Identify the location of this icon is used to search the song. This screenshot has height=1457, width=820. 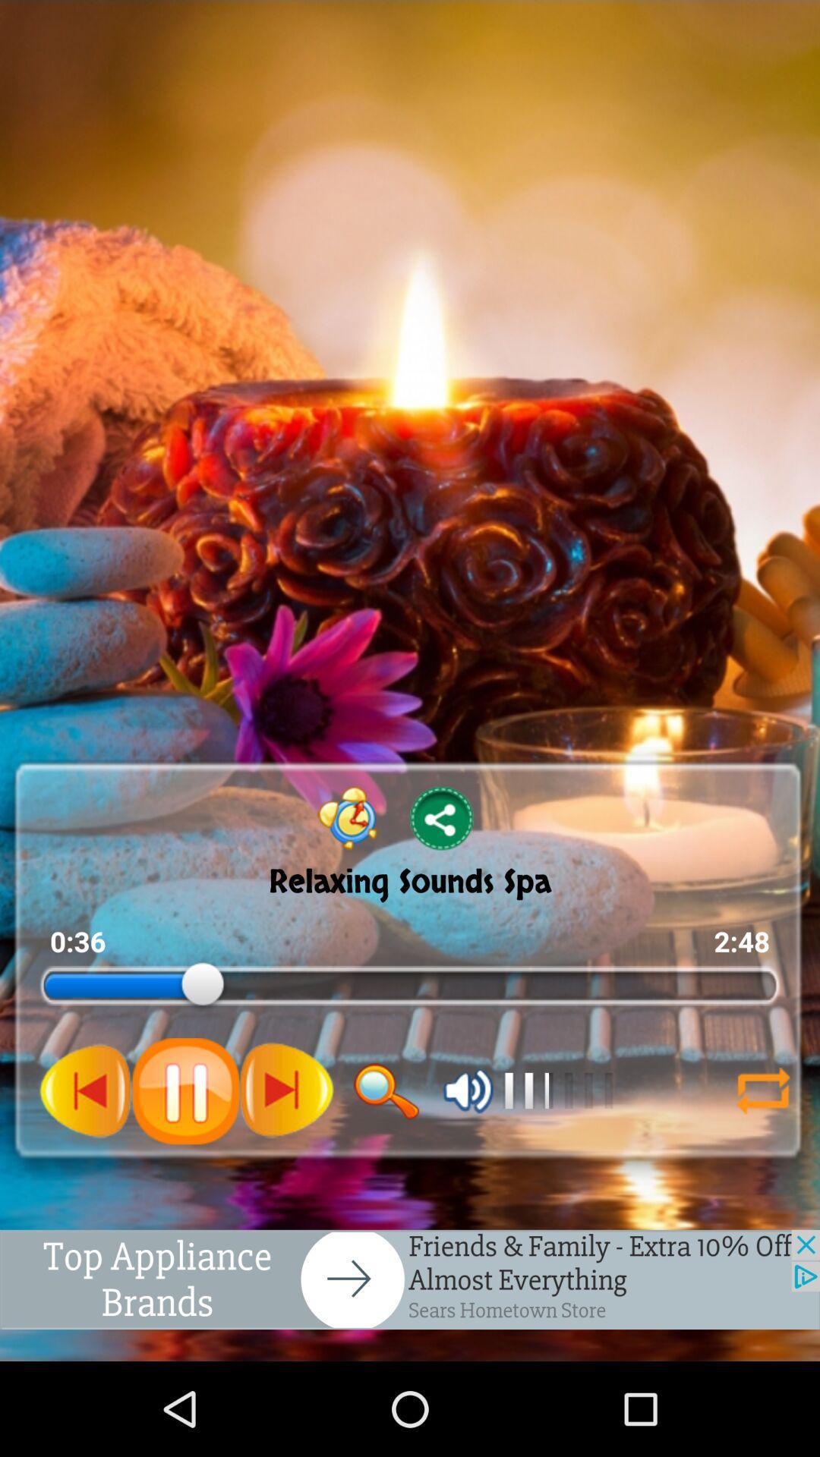
(386, 1090).